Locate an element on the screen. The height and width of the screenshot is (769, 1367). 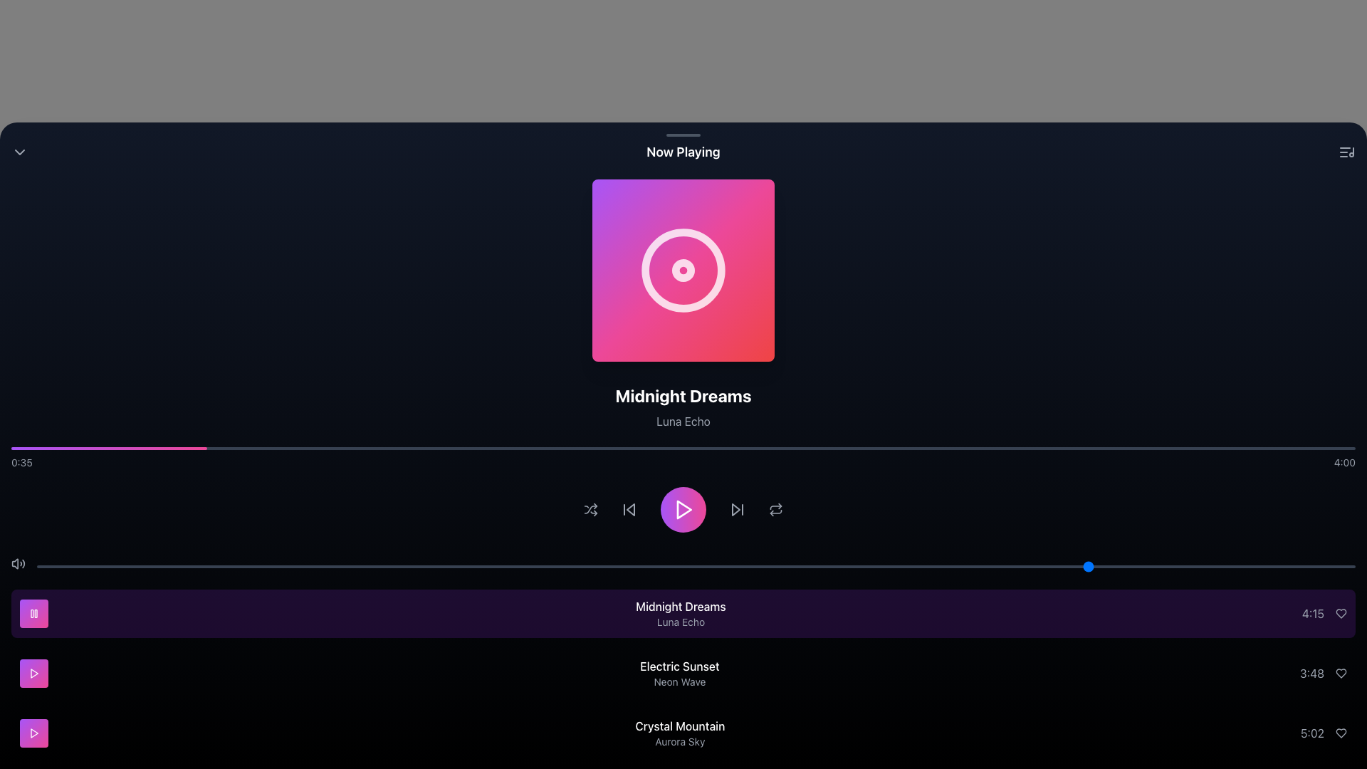
the progress of the media is located at coordinates (1153, 447).